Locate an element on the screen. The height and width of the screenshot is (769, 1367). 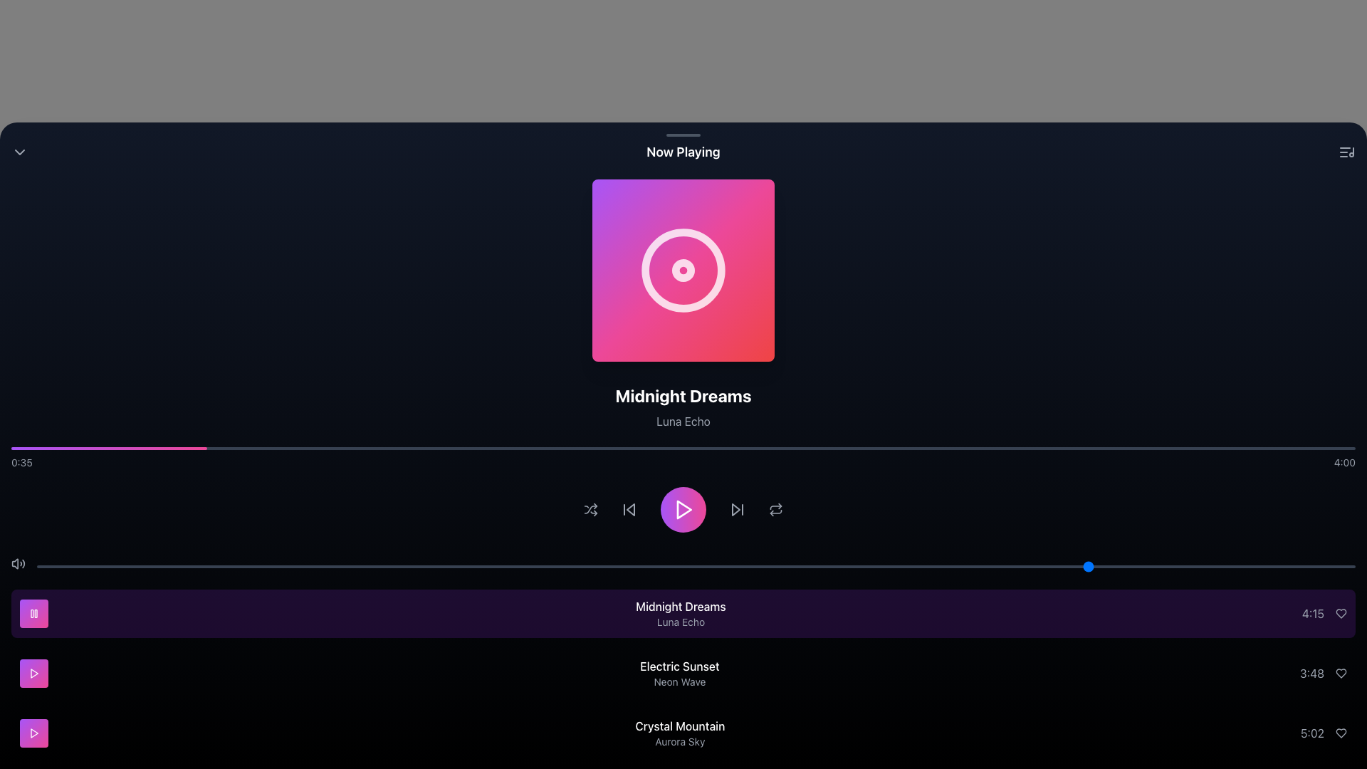
the progress of the media is located at coordinates (1153, 447).